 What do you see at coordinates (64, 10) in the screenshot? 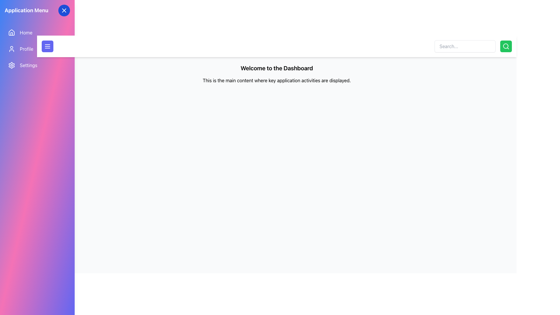
I see `the circular blue button with a white 'X' icon located in the top-right corner of the sidebar adjacent to 'Application Menu'` at bounding box center [64, 10].